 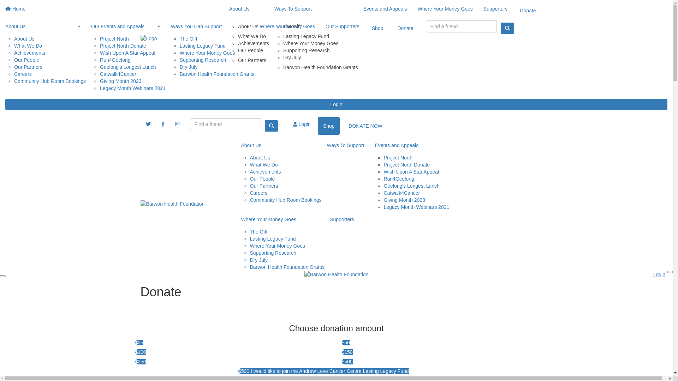 I want to click on 'Donate', so click(x=405, y=28).